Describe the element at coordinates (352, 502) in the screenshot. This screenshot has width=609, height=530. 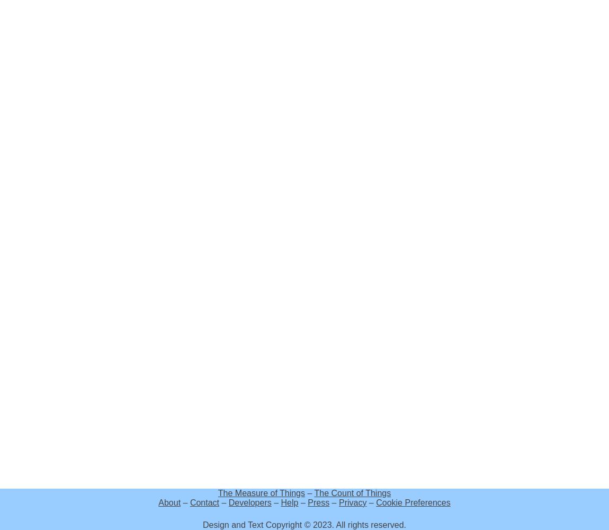
I see `'Privacy'` at that location.